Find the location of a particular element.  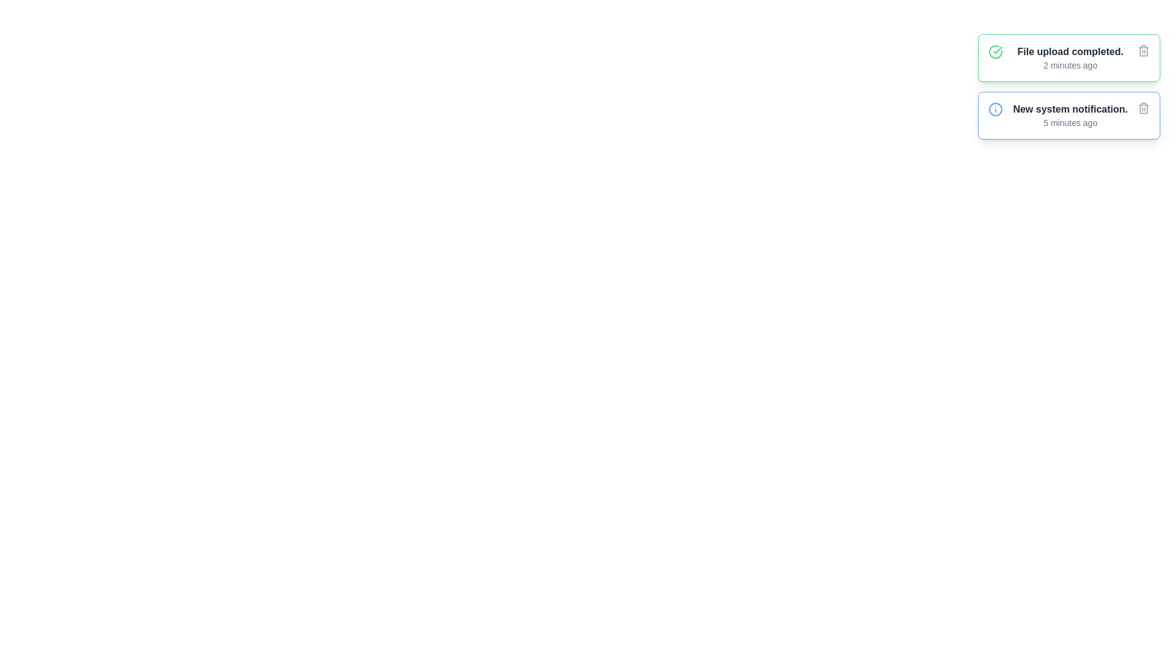

the notification icon to inspect it is located at coordinates (996, 51).